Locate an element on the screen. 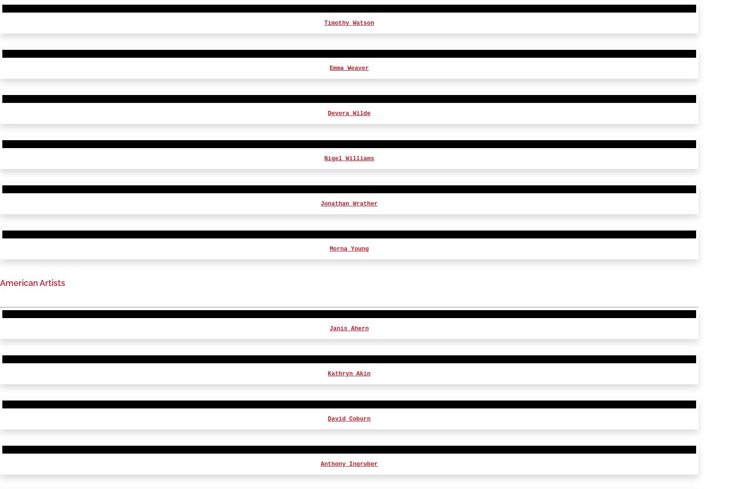  'Emma Rydal' is located at coordinates (349, 42).